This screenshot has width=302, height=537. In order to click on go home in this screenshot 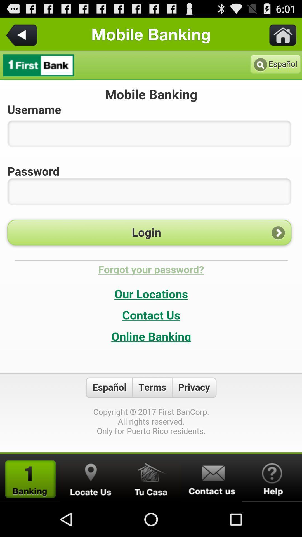, I will do `click(151, 477)`.